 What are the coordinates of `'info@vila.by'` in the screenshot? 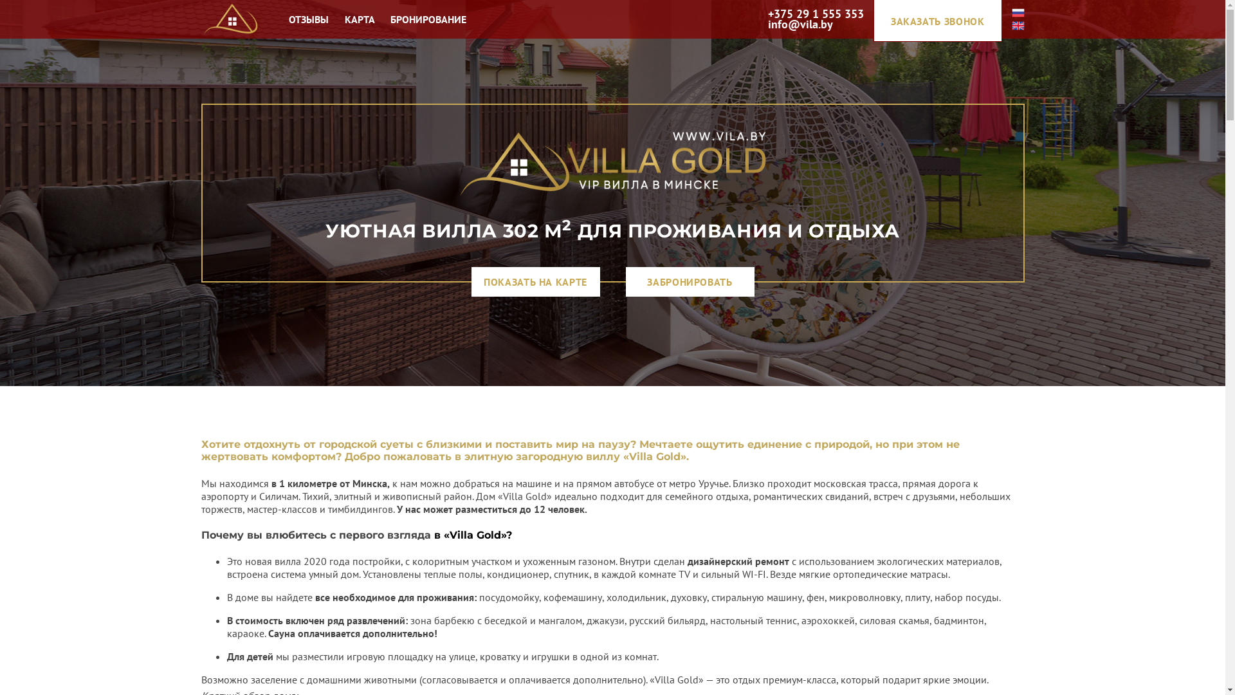 It's located at (800, 24).